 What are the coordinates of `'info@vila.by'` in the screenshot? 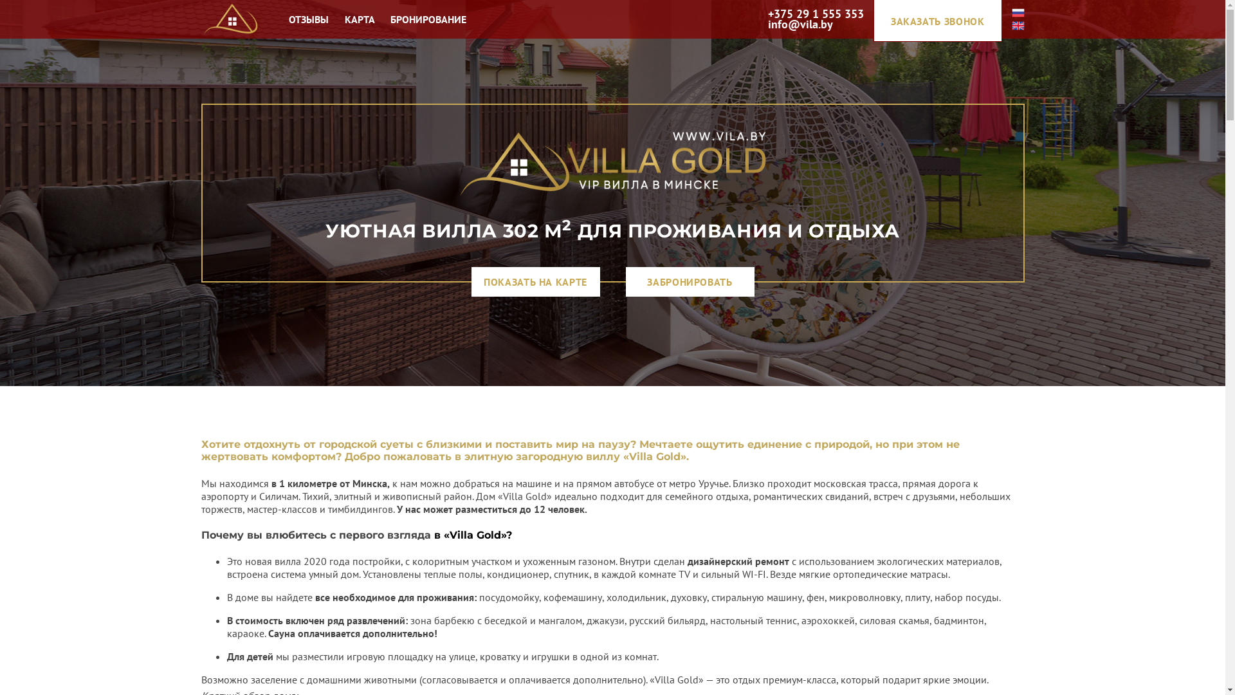 It's located at (800, 24).